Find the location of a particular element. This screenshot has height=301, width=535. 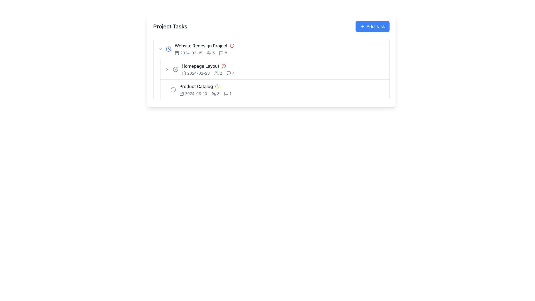

the circular graphical element within the clock icon for the 'Website Redesign Project' entry, located in the first row is located at coordinates (168, 49).